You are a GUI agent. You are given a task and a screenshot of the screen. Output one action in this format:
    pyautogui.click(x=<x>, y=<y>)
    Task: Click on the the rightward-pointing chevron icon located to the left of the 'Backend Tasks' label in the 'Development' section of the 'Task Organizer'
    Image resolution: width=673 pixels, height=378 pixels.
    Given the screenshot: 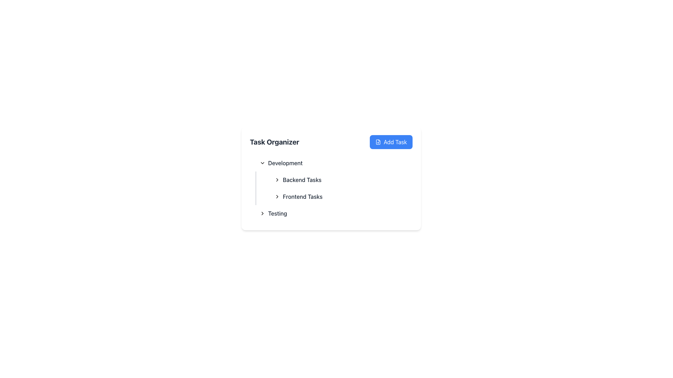 What is the action you would take?
    pyautogui.click(x=277, y=179)
    